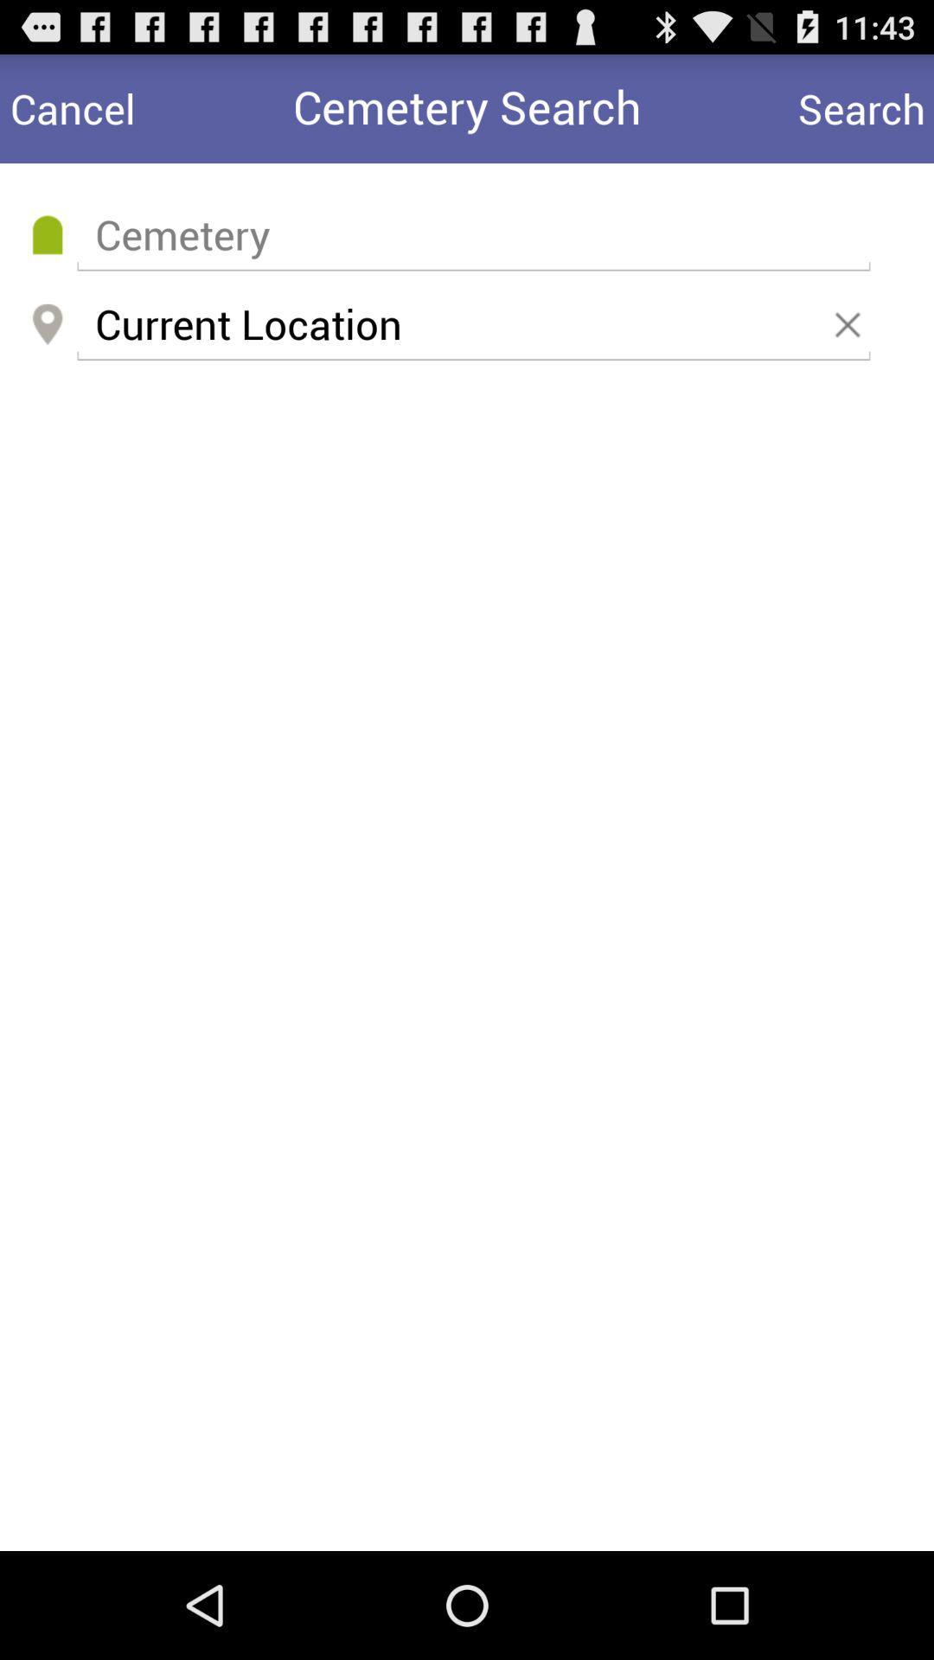 The image size is (934, 1660). I want to click on current location icon, so click(473, 324).